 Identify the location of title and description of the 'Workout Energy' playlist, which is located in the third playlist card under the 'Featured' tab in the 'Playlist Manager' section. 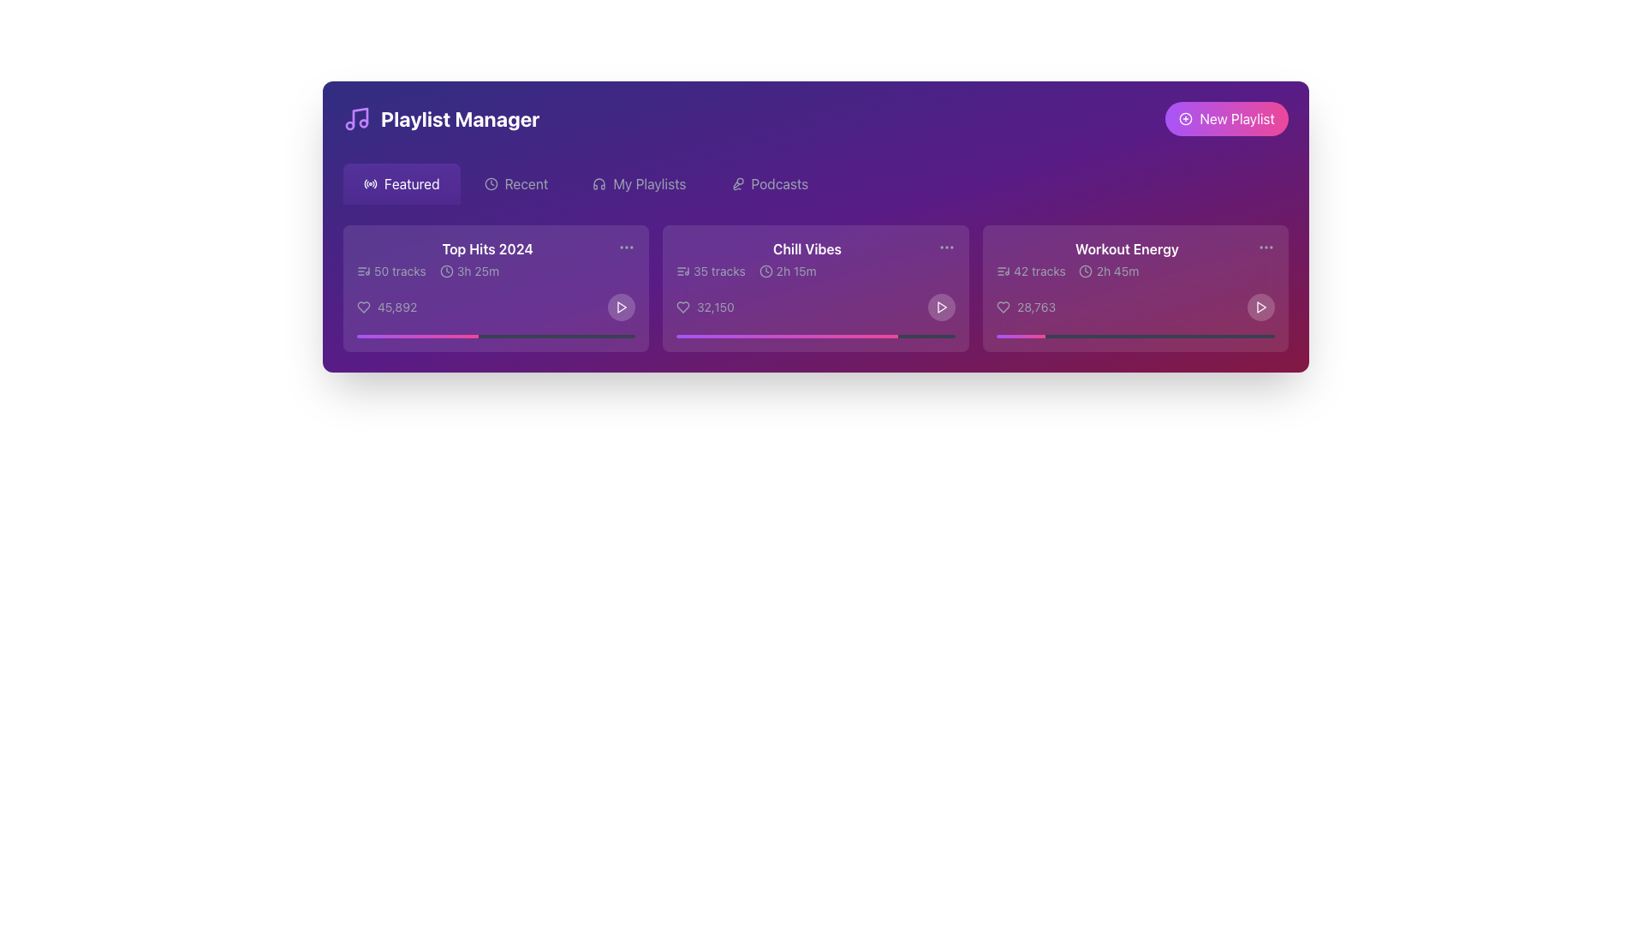
(1135, 260).